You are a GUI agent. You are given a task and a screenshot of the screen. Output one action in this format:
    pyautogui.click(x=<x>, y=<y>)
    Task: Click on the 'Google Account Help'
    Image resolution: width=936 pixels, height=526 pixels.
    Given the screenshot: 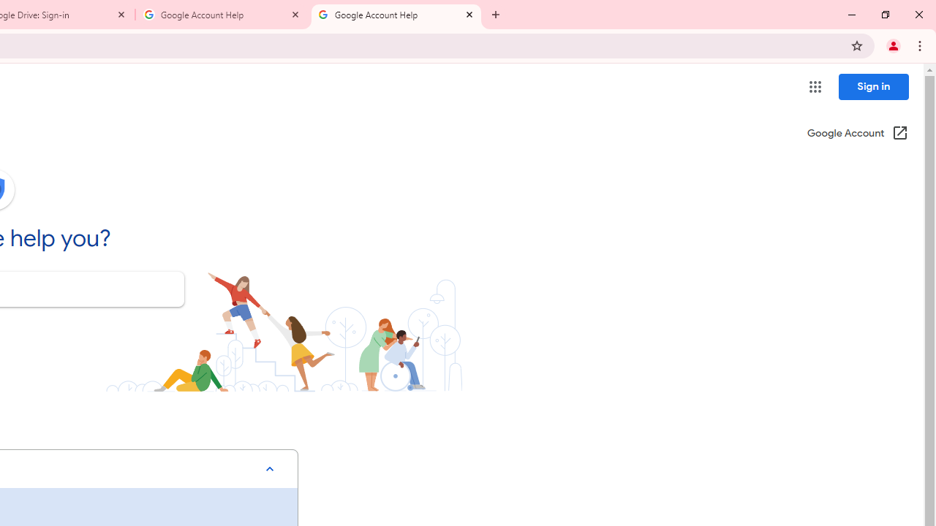 What is the action you would take?
    pyautogui.click(x=222, y=15)
    